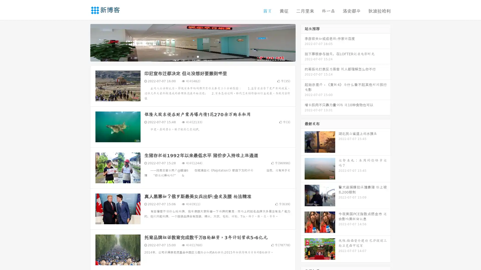 This screenshot has width=481, height=270. What do you see at coordinates (83, 42) in the screenshot?
I see `Previous slide` at bounding box center [83, 42].